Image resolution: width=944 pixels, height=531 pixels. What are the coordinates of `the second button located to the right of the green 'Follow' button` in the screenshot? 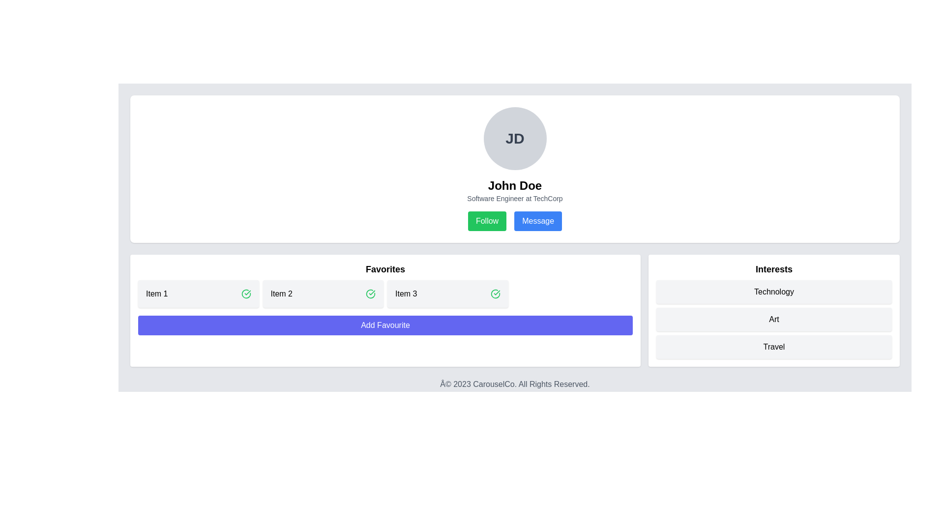 It's located at (537, 221).